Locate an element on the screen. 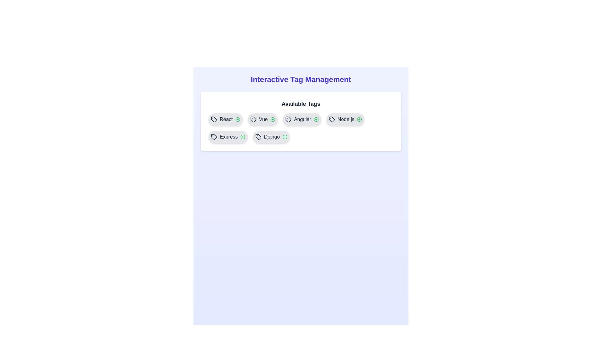 Image resolution: width=600 pixels, height=337 pixels. the circular icon button with a green outline and a green plus sign in the center, located adjacent to the label 'React' in the 'Available Tags' section is located at coordinates (237, 119).